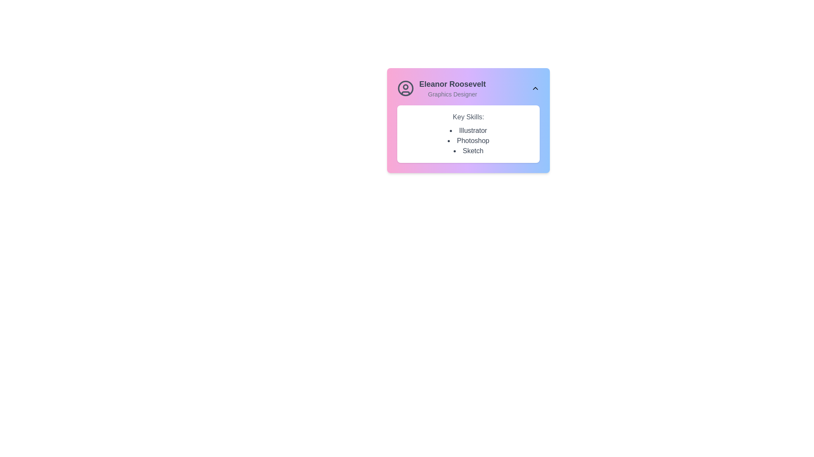 Image resolution: width=814 pixels, height=457 pixels. Describe the element at coordinates (535, 88) in the screenshot. I see `the small upward pointing triangular button with a black outline on a light blue background located at the top-right corner of the card for 'Eleanor Roosevelt' to trigger a tooltip or effect` at that location.